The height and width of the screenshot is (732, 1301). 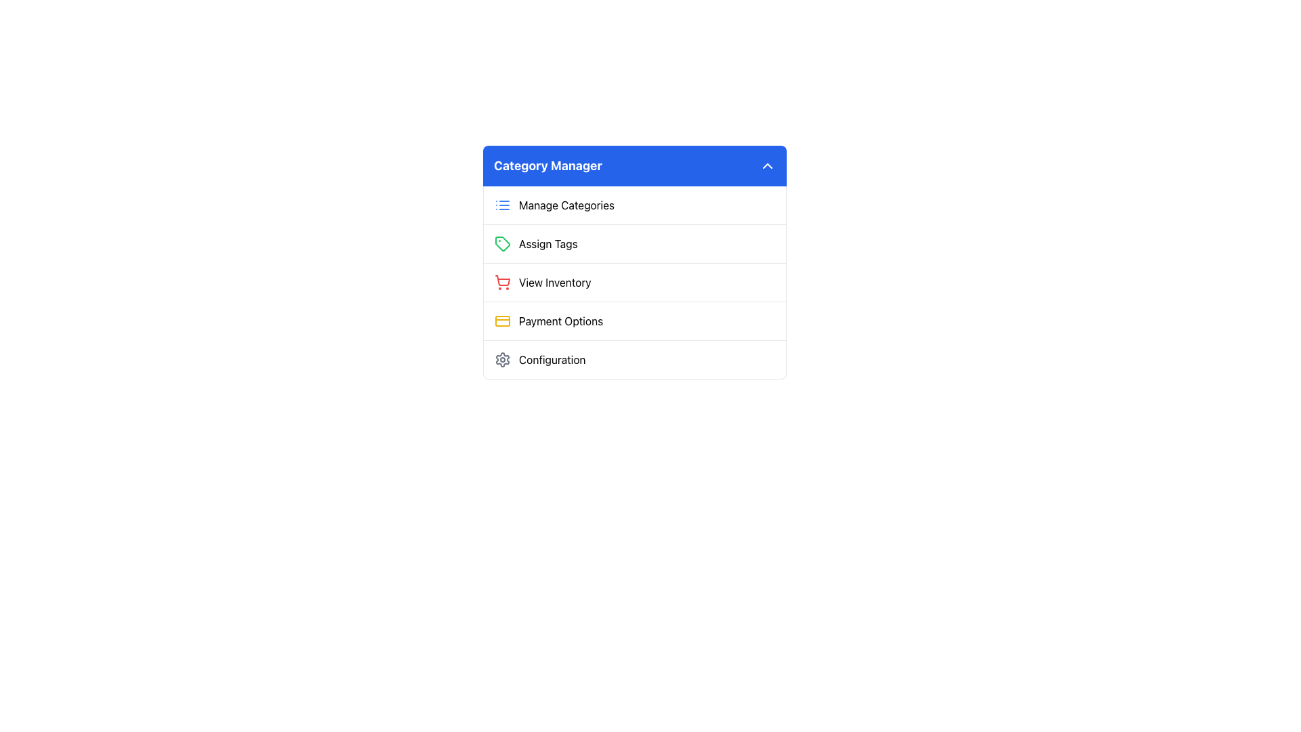 What do you see at coordinates (634, 262) in the screenshot?
I see `the 'Category Manager' menu option` at bounding box center [634, 262].